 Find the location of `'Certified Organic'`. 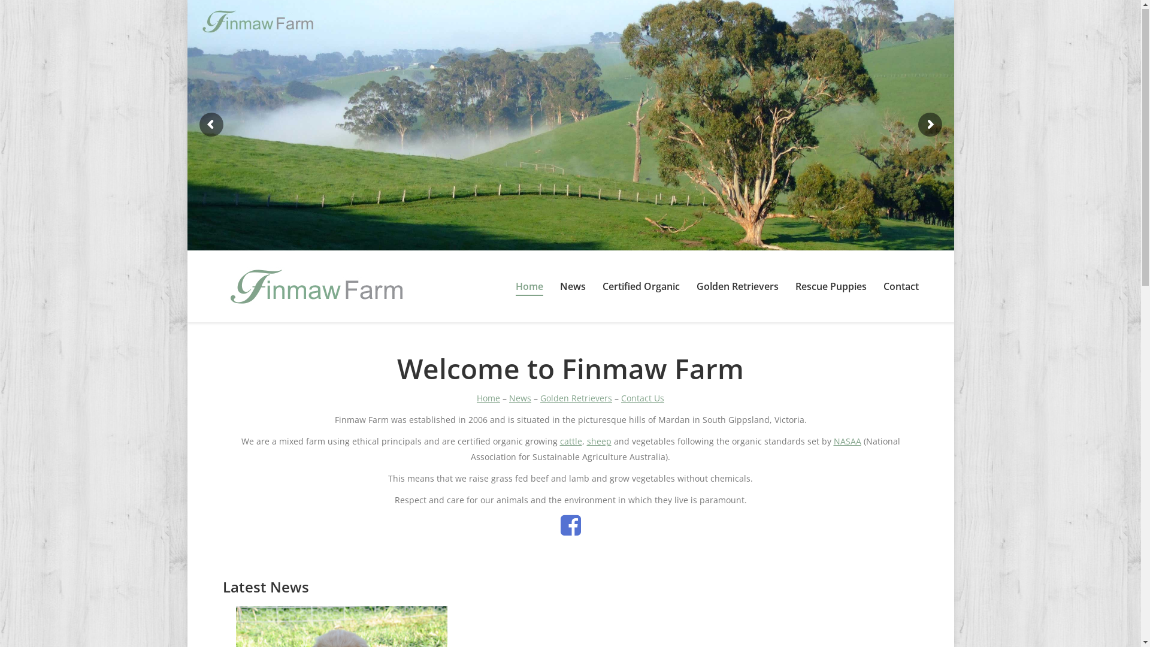

'Certified Organic' is located at coordinates (640, 287).